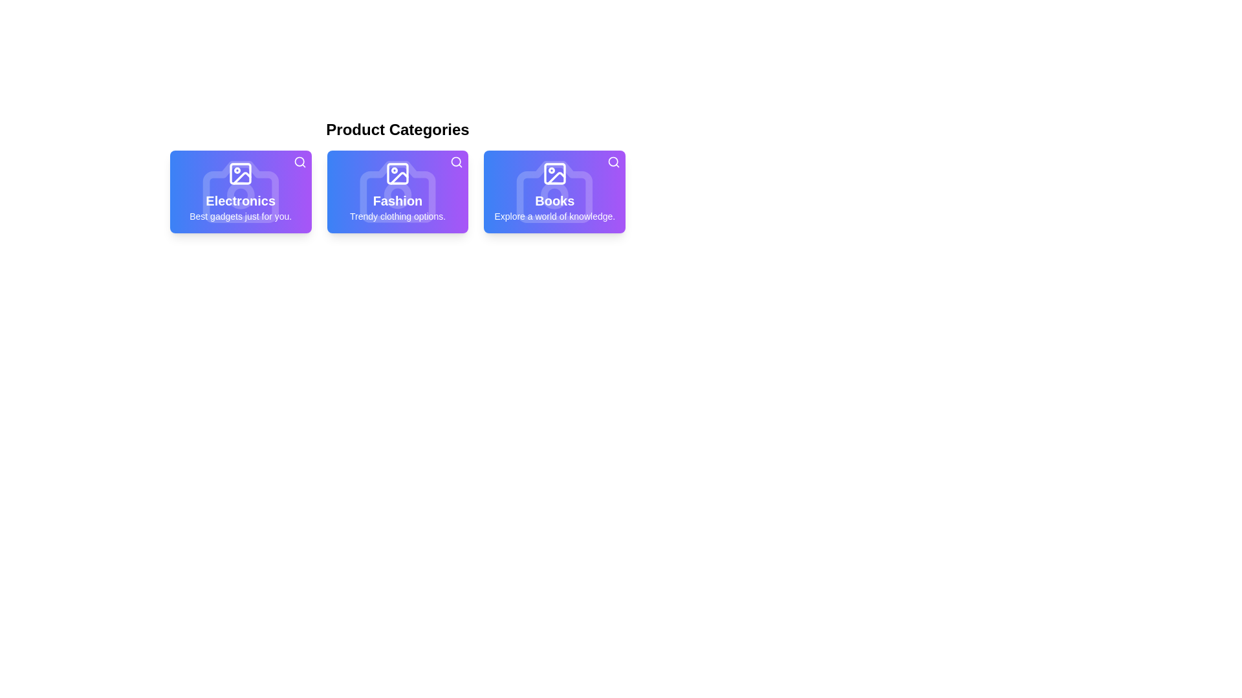 The height and width of the screenshot is (698, 1242). Describe the element at coordinates (397, 216) in the screenshot. I see `the second text label under the 'Fashion' category which provides additional information about Fashion` at that location.